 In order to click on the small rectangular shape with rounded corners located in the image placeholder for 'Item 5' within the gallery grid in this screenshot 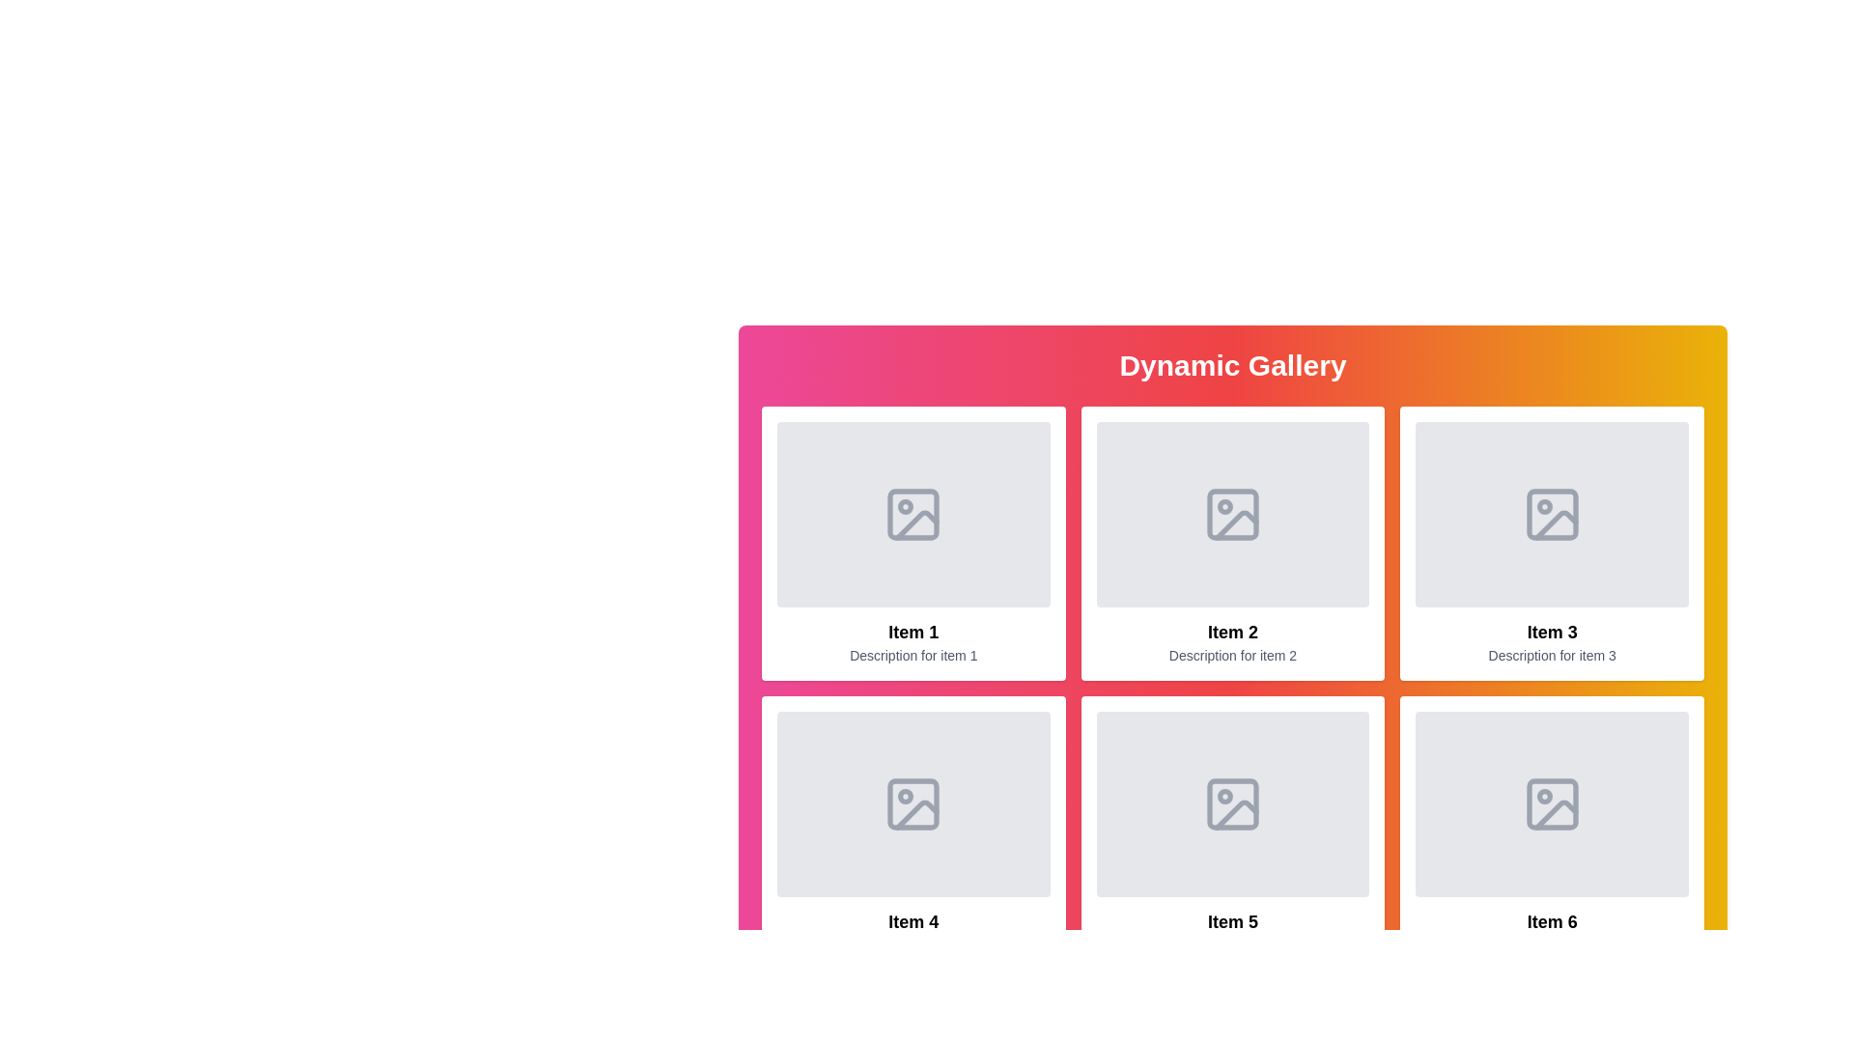, I will do `click(1231, 804)`.